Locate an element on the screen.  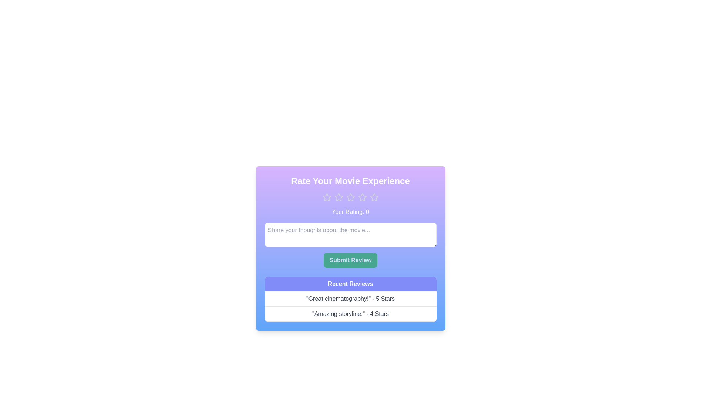
the star corresponding to the desired rating 2 is located at coordinates (338, 197).